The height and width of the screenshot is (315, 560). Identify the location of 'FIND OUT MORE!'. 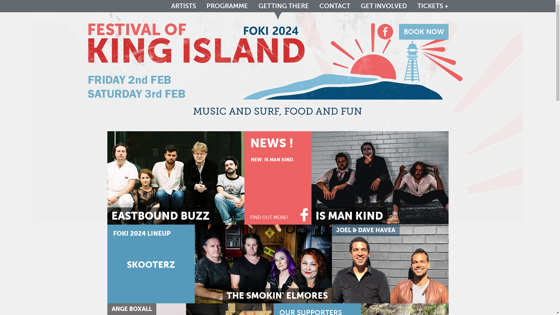
(269, 221).